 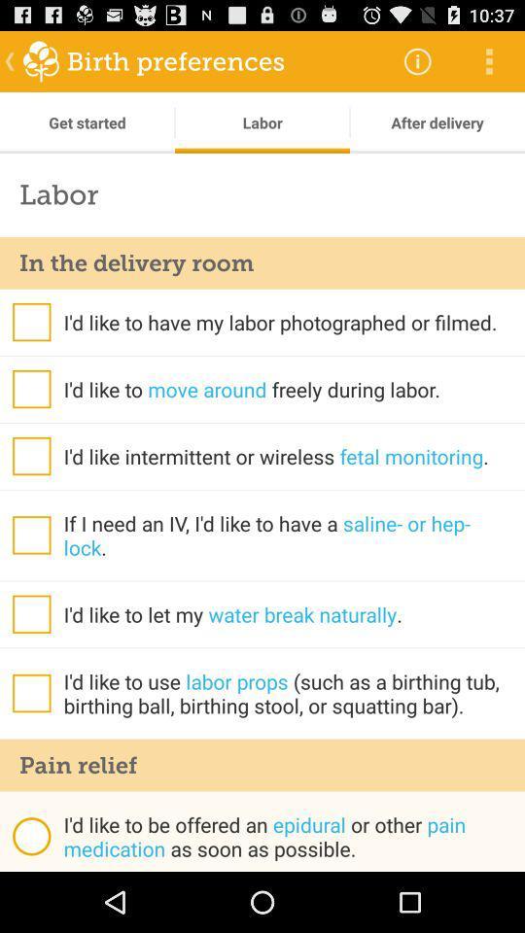 What do you see at coordinates (262, 261) in the screenshot?
I see `the in the delivery icon` at bounding box center [262, 261].